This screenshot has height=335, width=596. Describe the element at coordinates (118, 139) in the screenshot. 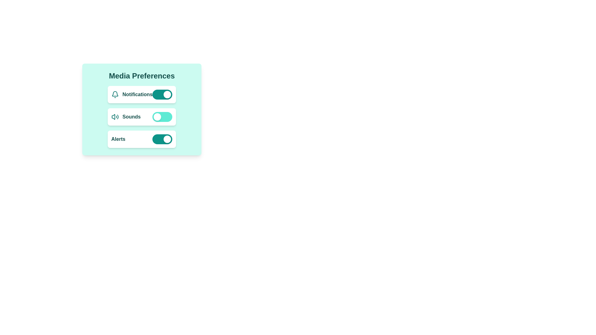

I see `the 'Alerts' text label, which is styled in bold teal font and indicates the toggle for 'Alerts' notifications within the Media Preferences section` at that location.